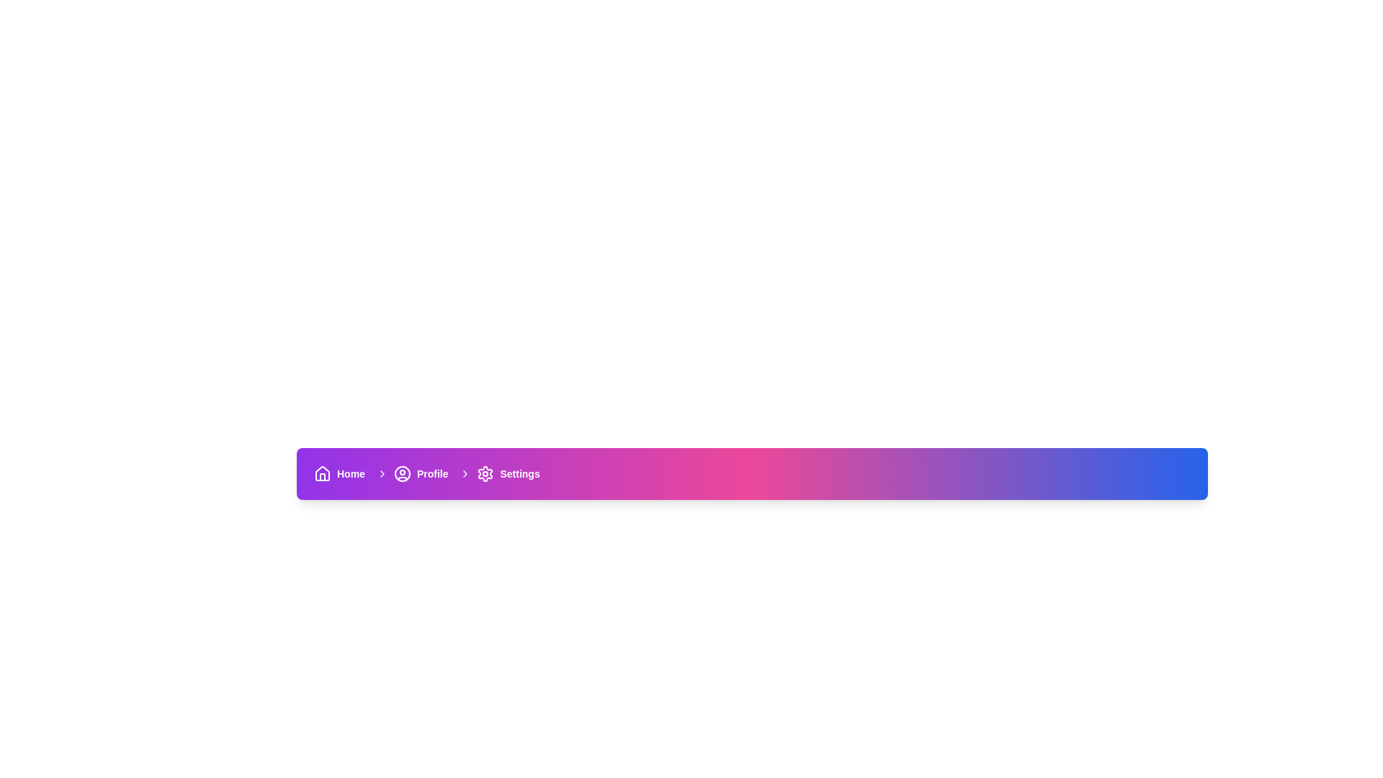 This screenshot has width=1383, height=778. I want to click on the 'Home' icon, which is a minimalistic vector graphic of a house located in the bottom-right navigation bar, so click(321, 473).